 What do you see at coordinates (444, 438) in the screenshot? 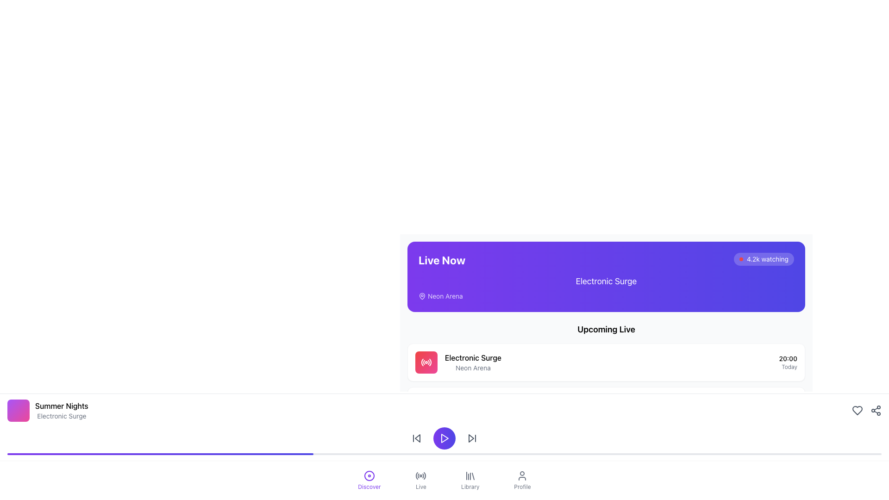
I see `the media play/pause button located at the center of the horizontal control bar to play the media content` at bounding box center [444, 438].